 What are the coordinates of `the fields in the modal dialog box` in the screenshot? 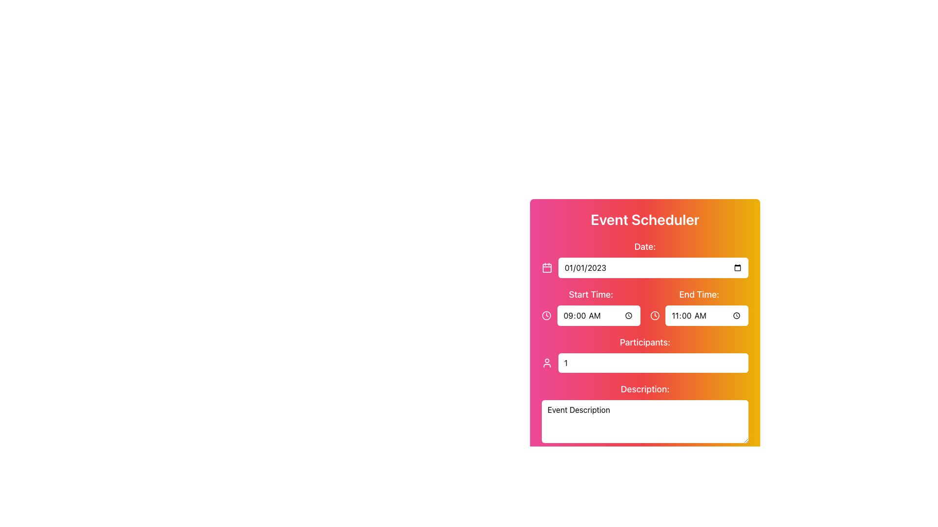 It's located at (645, 317).